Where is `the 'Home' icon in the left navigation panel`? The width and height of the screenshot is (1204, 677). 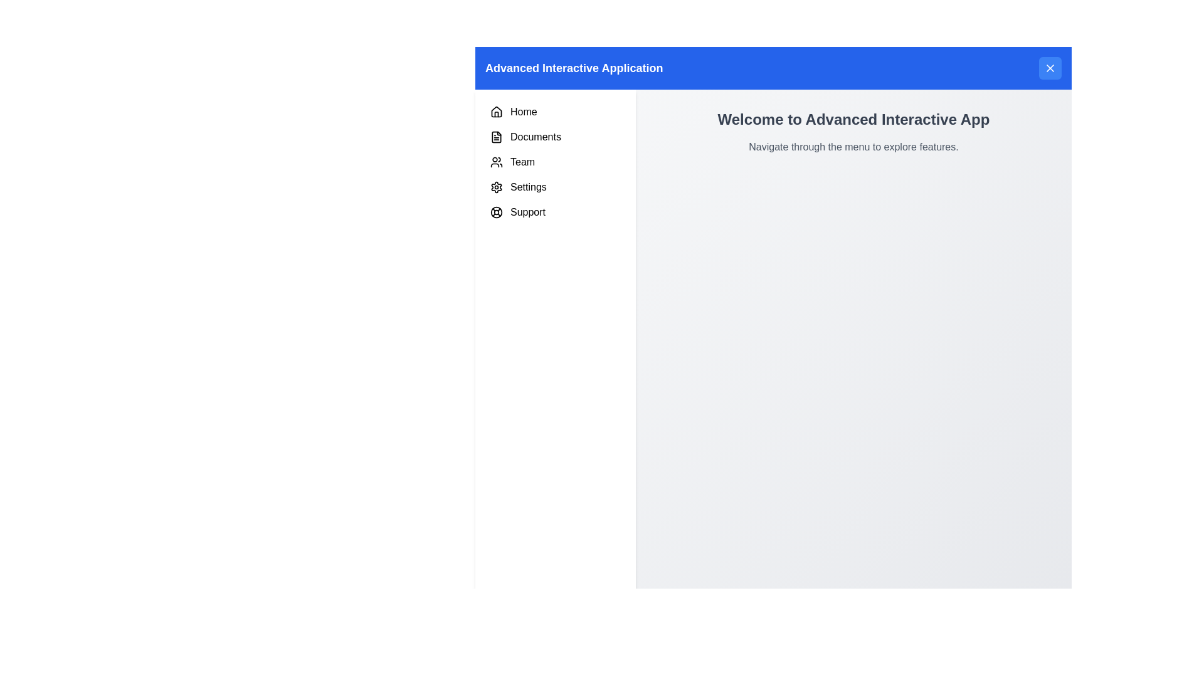
the 'Home' icon in the left navigation panel is located at coordinates (496, 110).